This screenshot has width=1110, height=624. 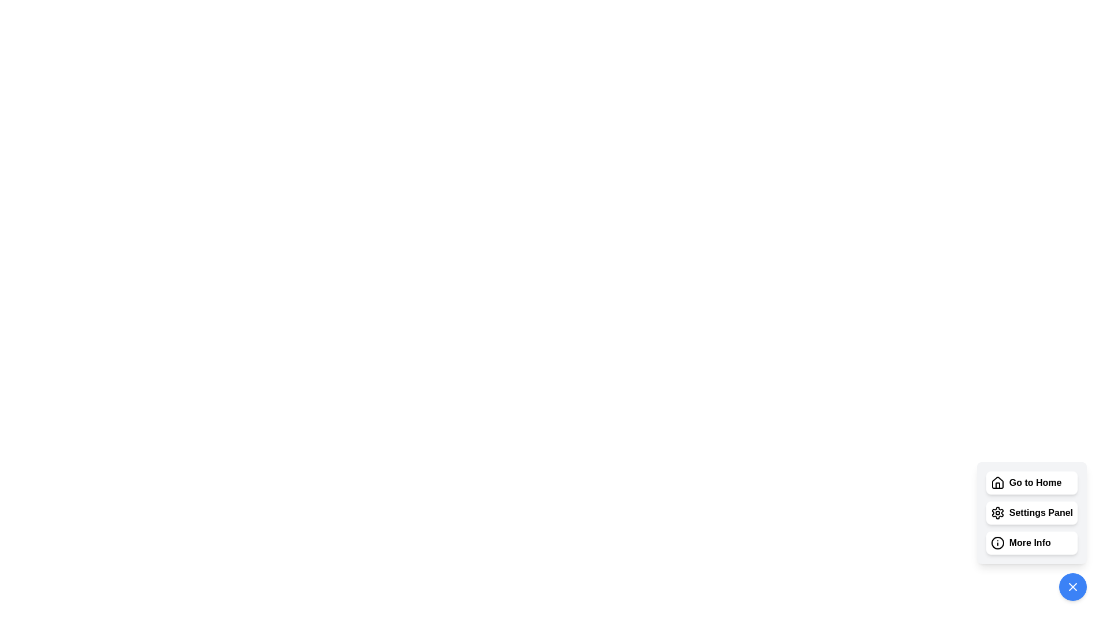 What do you see at coordinates (1041, 512) in the screenshot?
I see `text label 'Settings Panel' which is styled in bold and is part of a clickable menu option located in the lower-right corner of the interface` at bounding box center [1041, 512].